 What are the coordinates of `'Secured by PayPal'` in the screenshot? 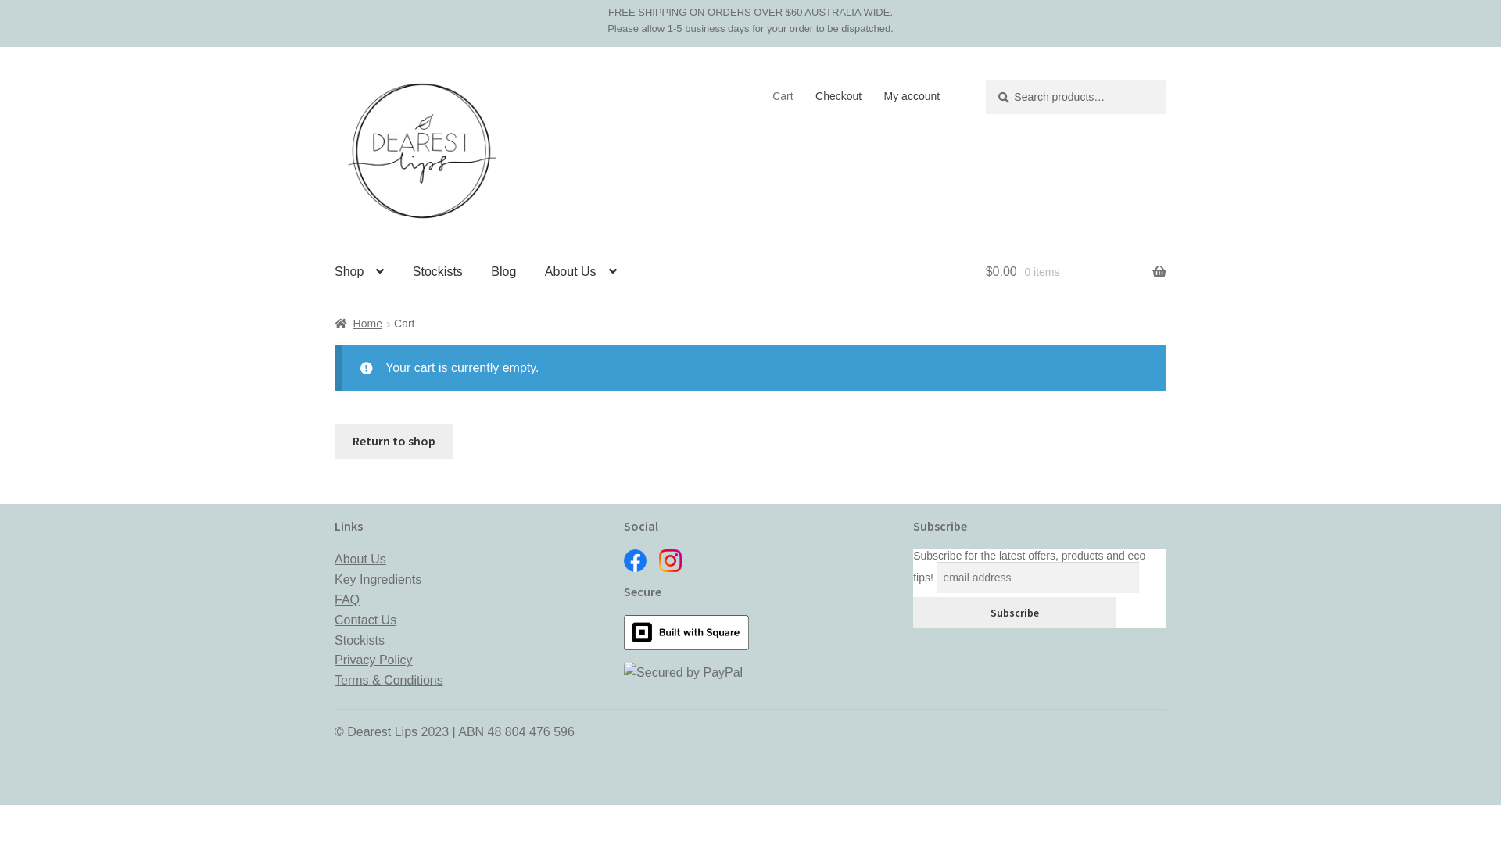 It's located at (750, 671).